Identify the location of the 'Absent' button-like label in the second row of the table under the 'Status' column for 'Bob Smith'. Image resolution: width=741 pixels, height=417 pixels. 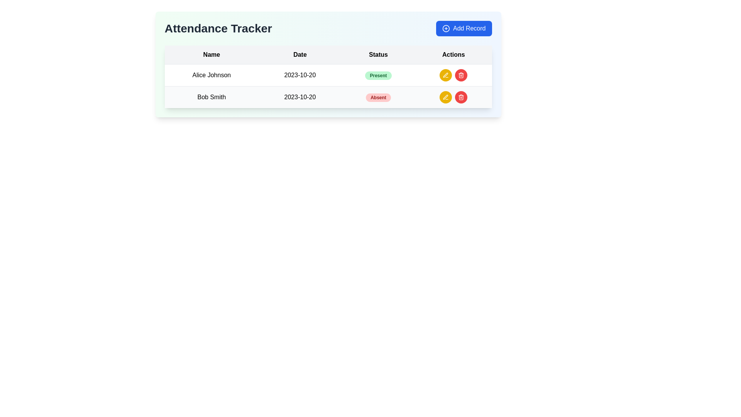
(378, 97).